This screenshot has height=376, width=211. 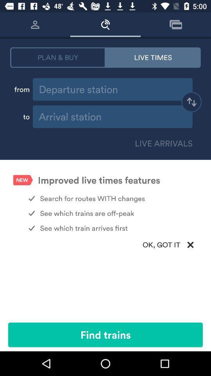 I want to click on type the departure station, so click(x=112, y=89).